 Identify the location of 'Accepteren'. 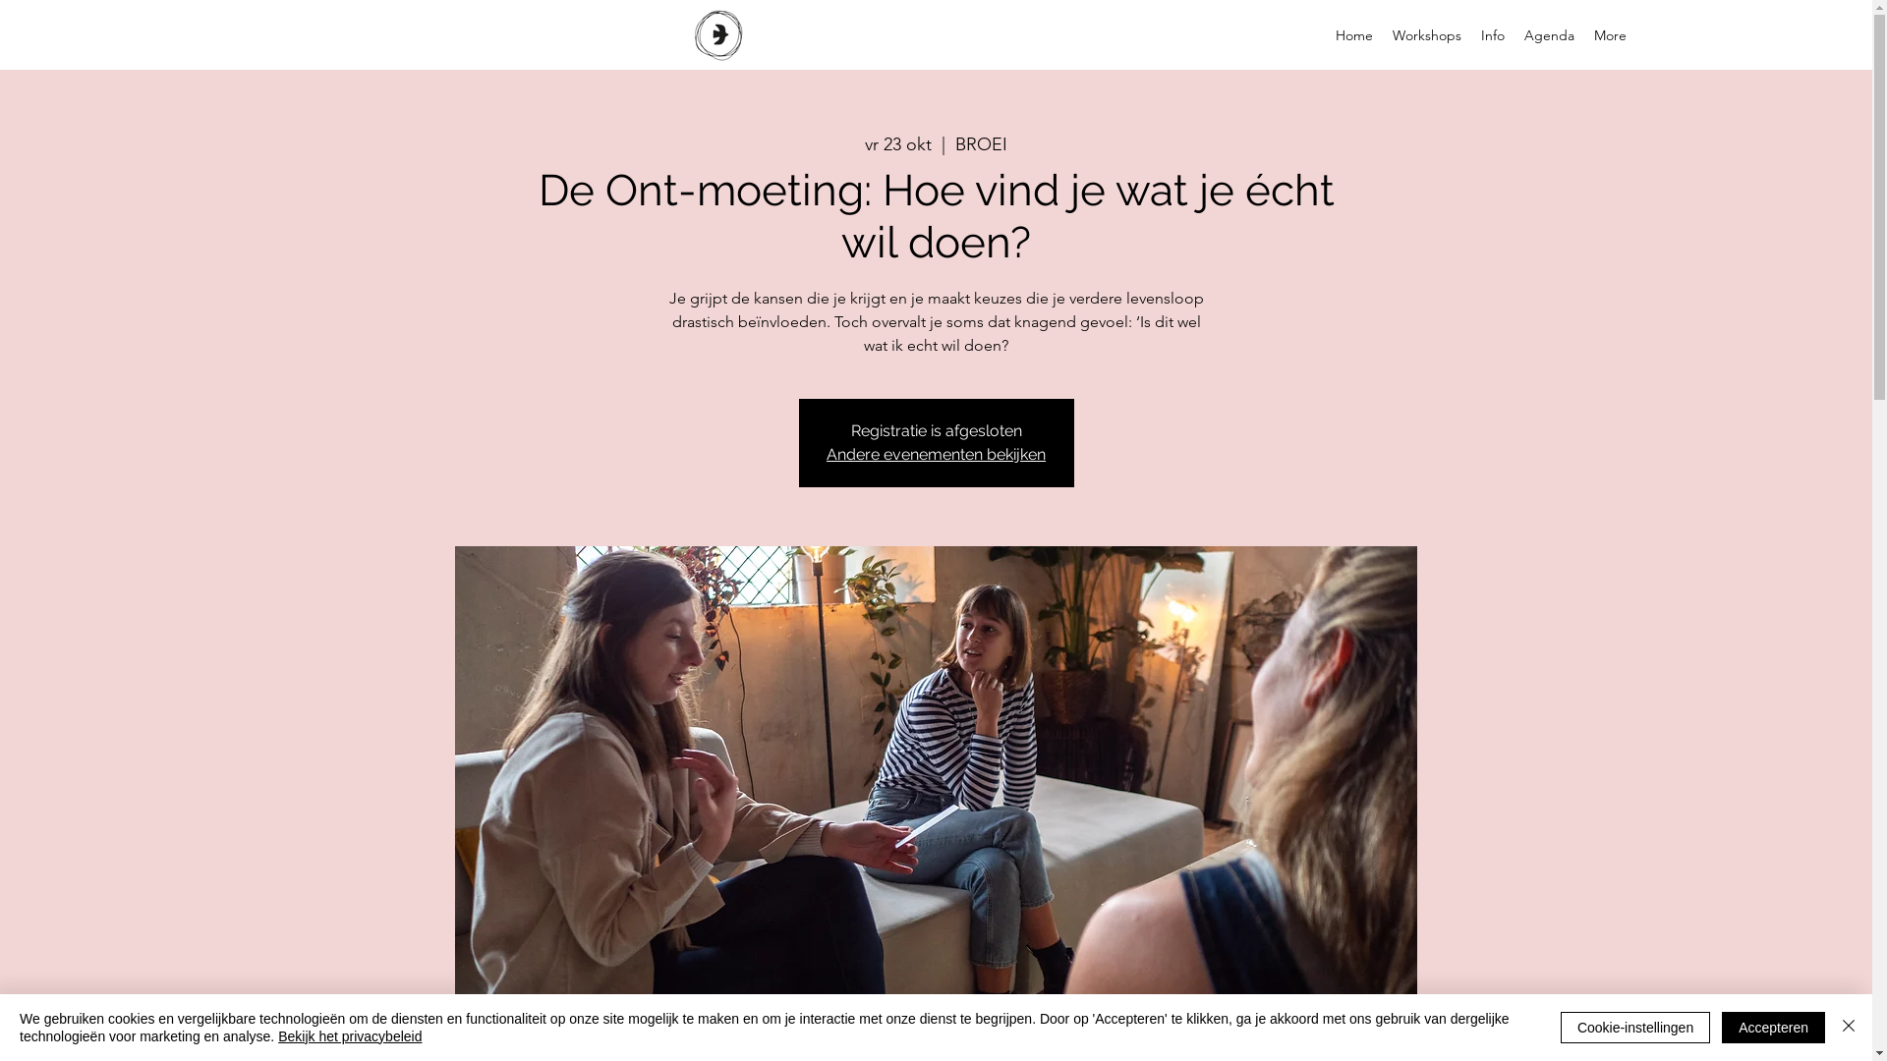
(1721, 1026).